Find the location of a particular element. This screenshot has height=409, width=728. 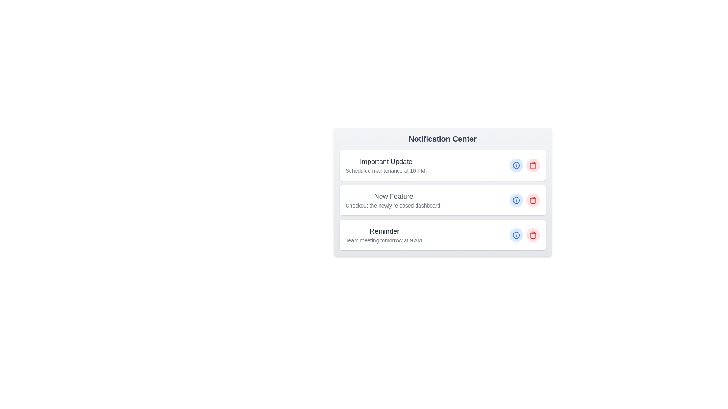

the information button next to the item titled Important Update is located at coordinates (516, 165).